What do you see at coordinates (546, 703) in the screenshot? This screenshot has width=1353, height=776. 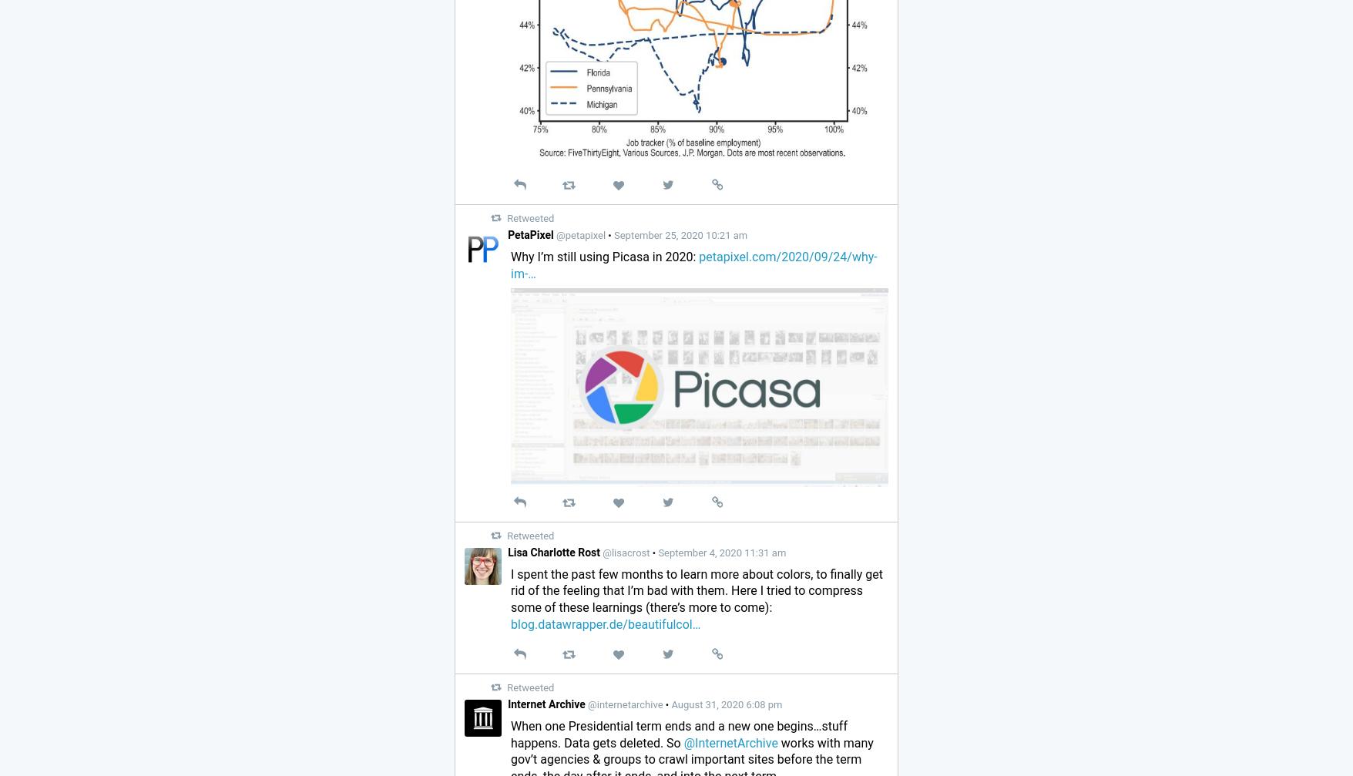 I see `'Internet Archive'` at bounding box center [546, 703].